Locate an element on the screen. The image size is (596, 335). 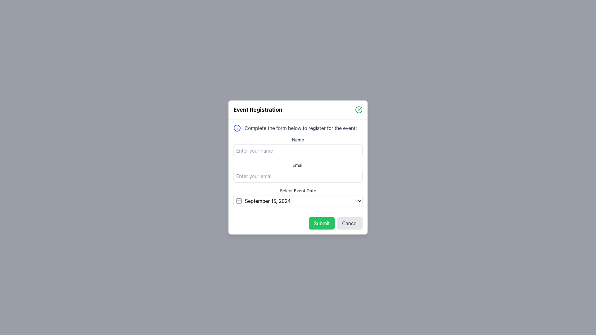
the name input field in the Event Registration form to type in the user's name is located at coordinates (298, 165).